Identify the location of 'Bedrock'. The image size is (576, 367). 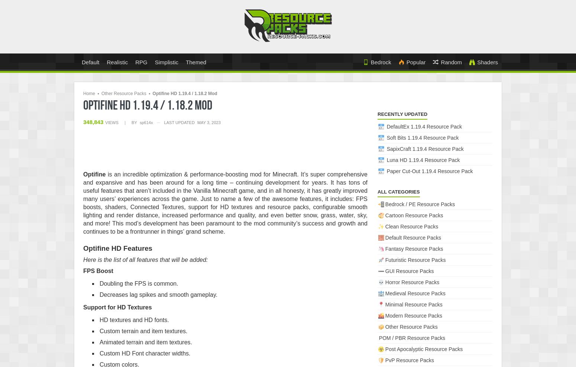
(381, 62).